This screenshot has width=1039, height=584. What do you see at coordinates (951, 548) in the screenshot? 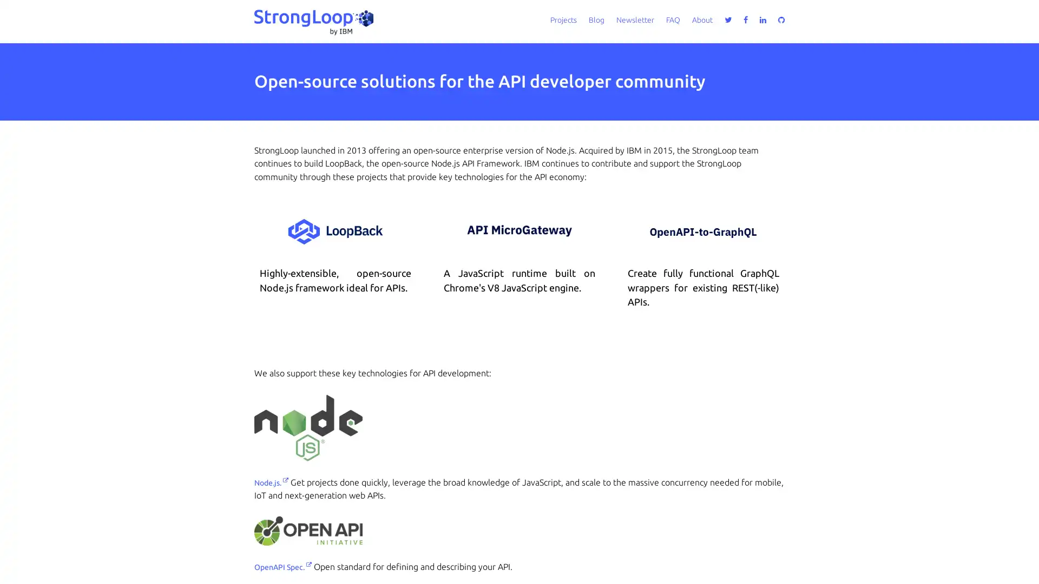
I see `Do not sell my personal information` at bounding box center [951, 548].